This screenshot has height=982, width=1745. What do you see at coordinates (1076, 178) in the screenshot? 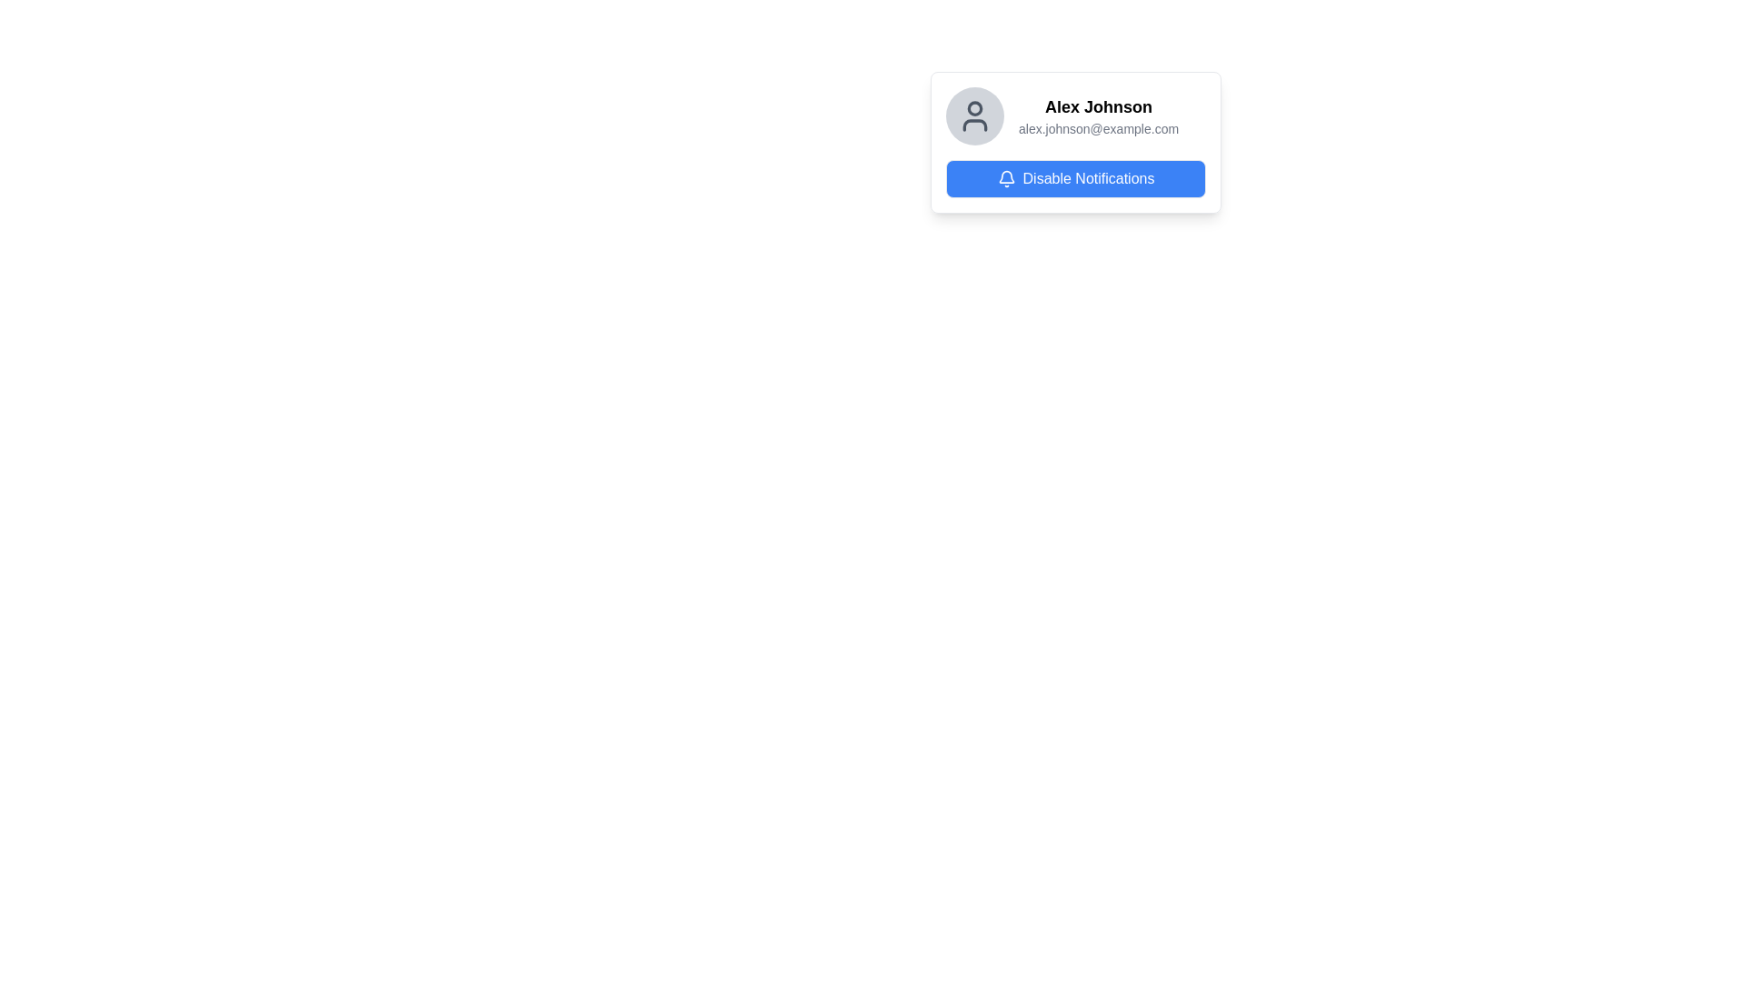
I see `the notifications disable button located at the bottom of the user details card displaying 'Alex Johnson' and their email address` at bounding box center [1076, 178].